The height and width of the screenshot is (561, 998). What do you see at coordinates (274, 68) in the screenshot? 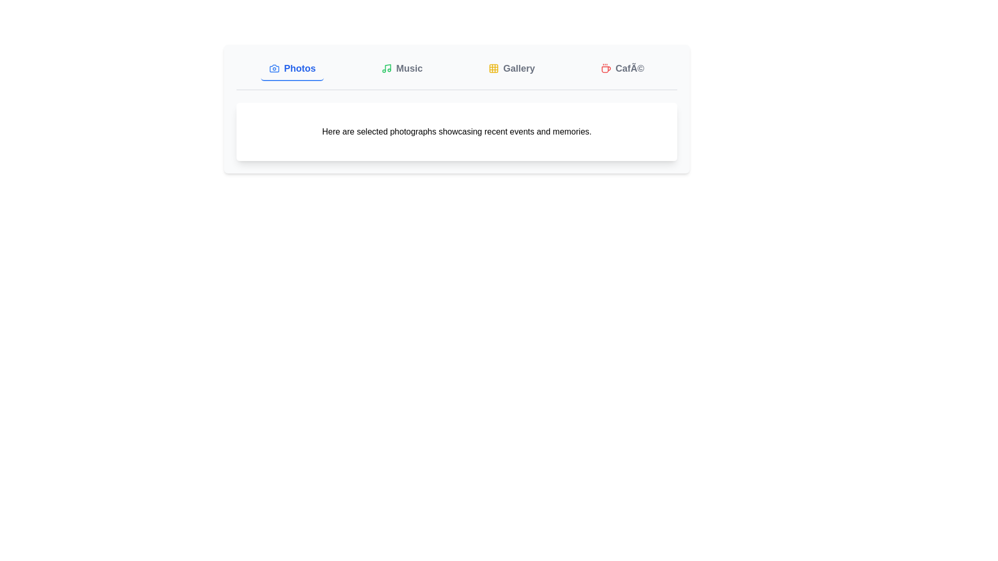
I see `the icon located in the navigation bar, which visually reinforces the 'Photos' tab, positioned immediately left of the 'Photos' text label` at bounding box center [274, 68].